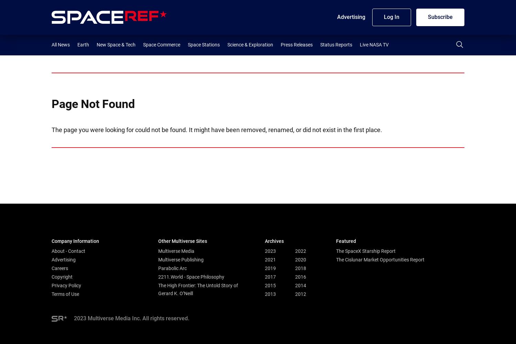 The width and height of the screenshot is (516, 344). Describe the element at coordinates (68, 251) in the screenshot. I see `'About - Contact'` at that location.